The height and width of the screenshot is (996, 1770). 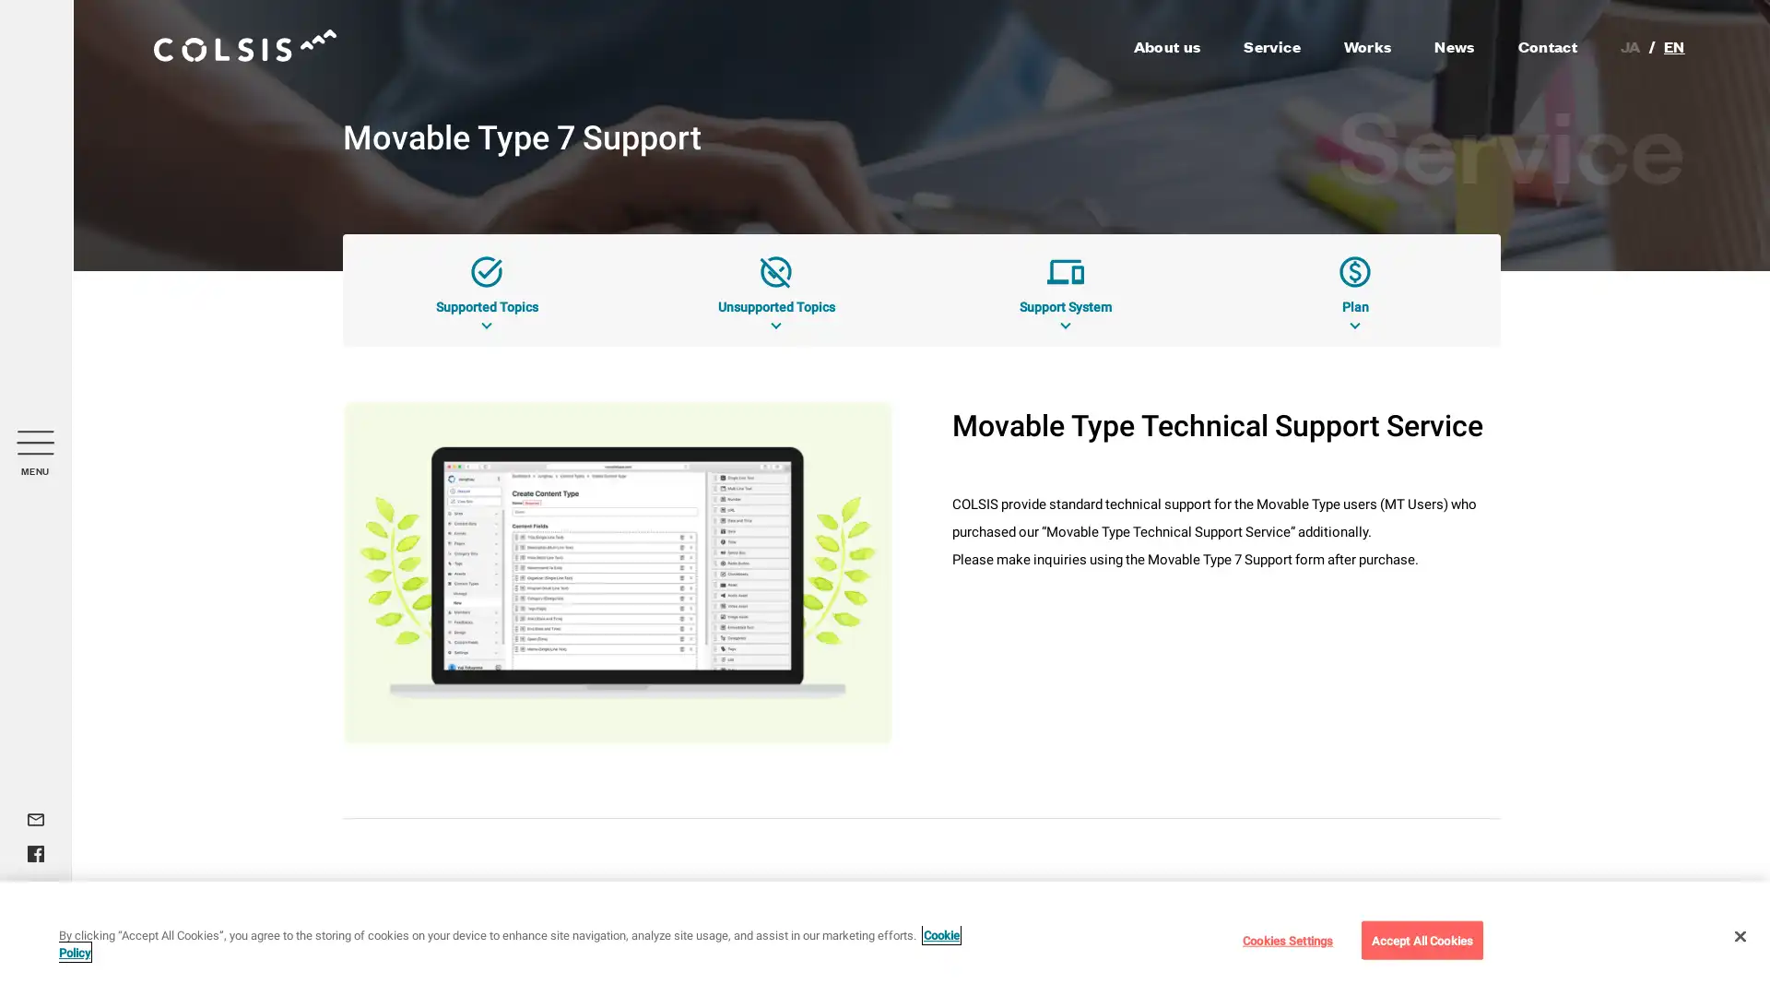 I want to click on Close, so click(x=1739, y=935).